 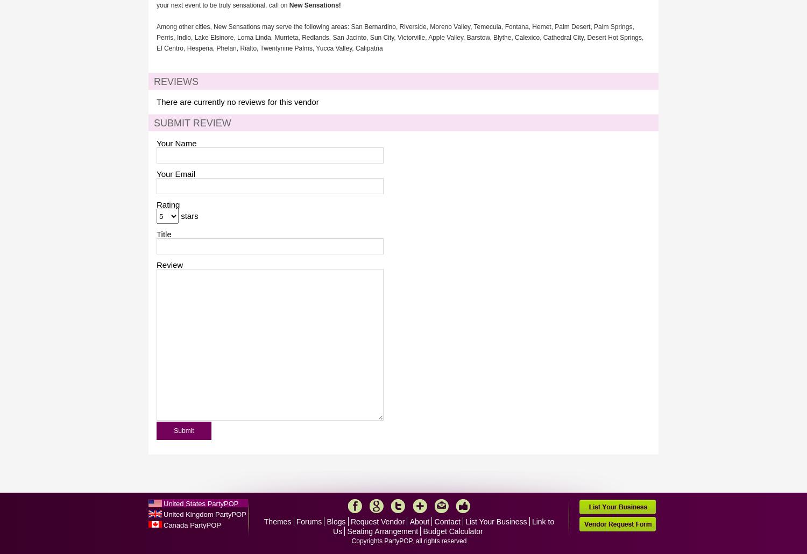 I want to click on 'Your Email', so click(x=175, y=173).